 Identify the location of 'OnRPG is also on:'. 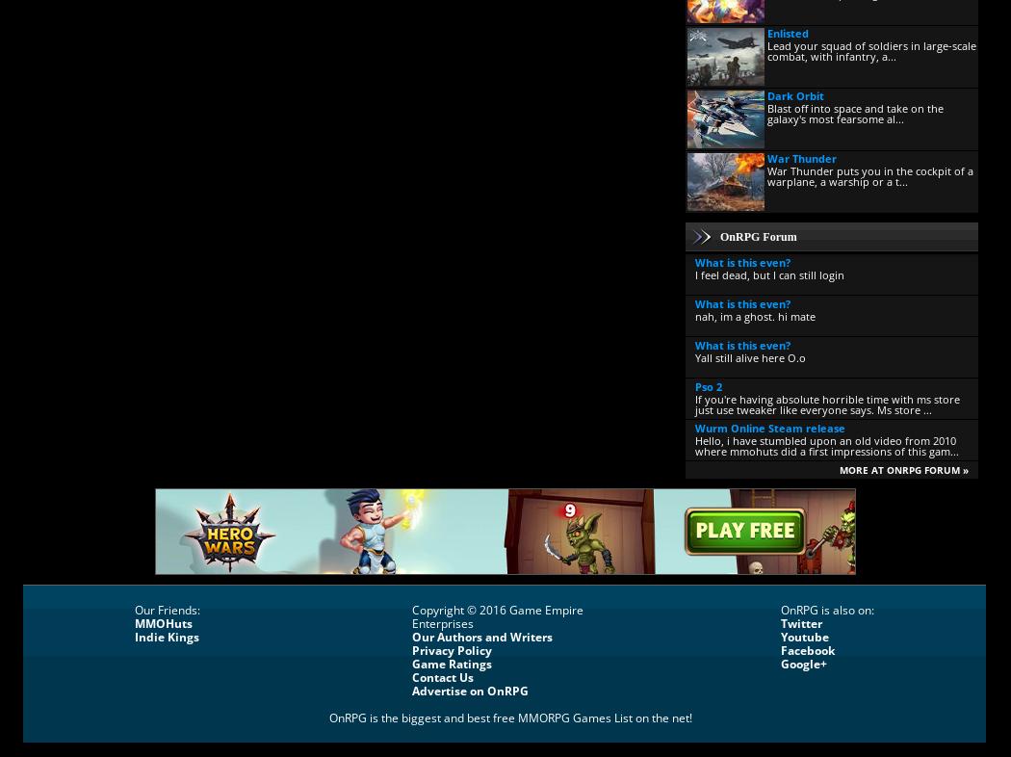
(827, 610).